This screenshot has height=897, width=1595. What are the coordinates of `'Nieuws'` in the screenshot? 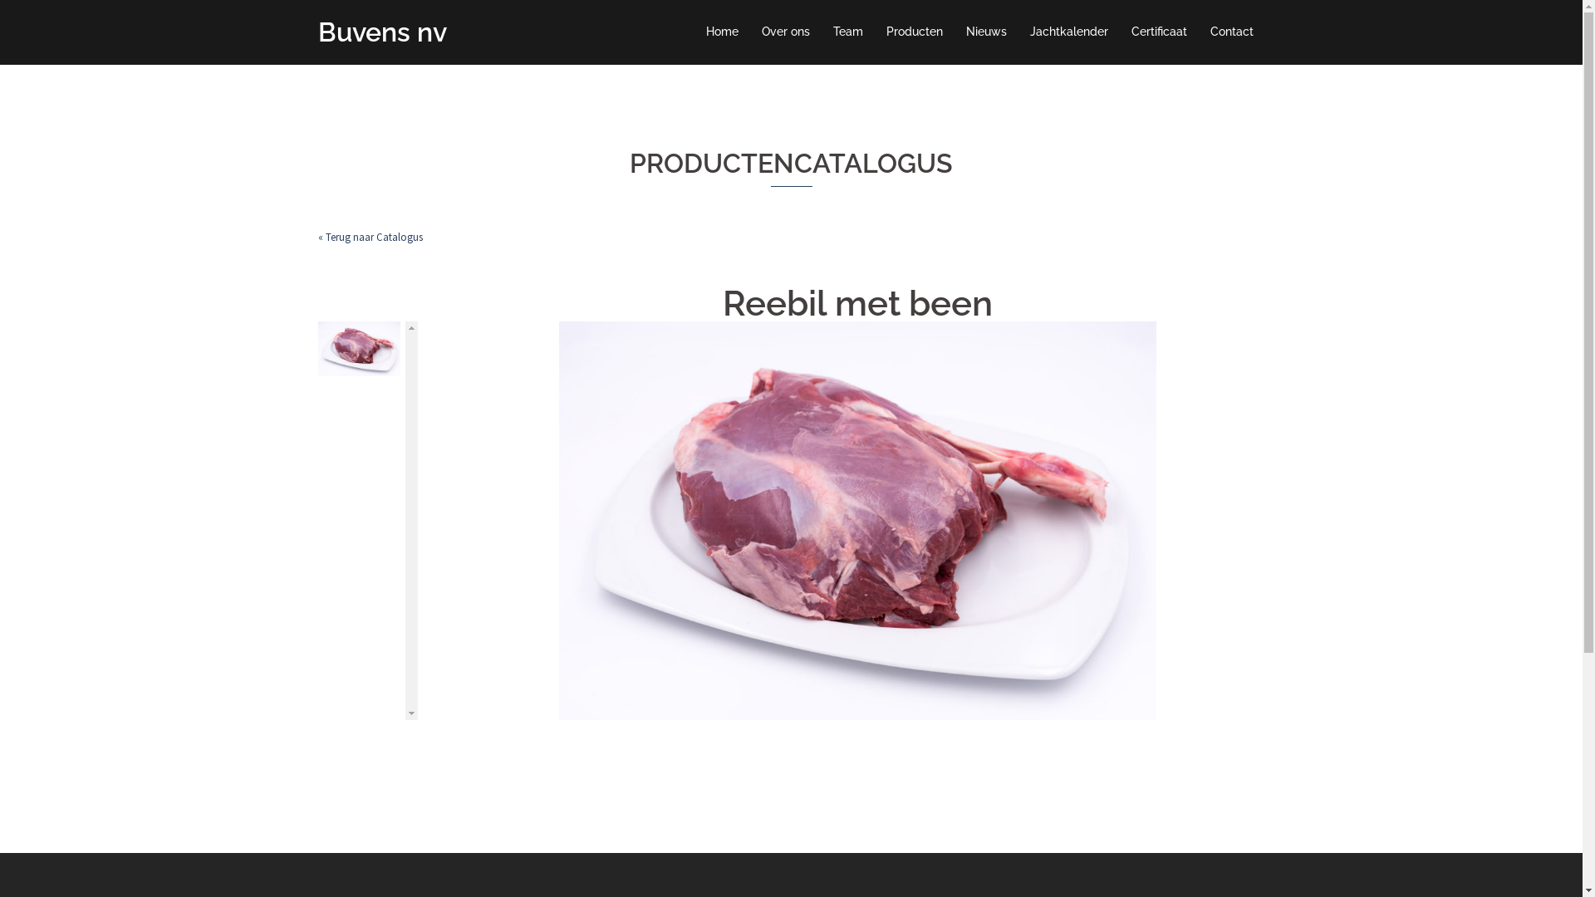 It's located at (985, 32).